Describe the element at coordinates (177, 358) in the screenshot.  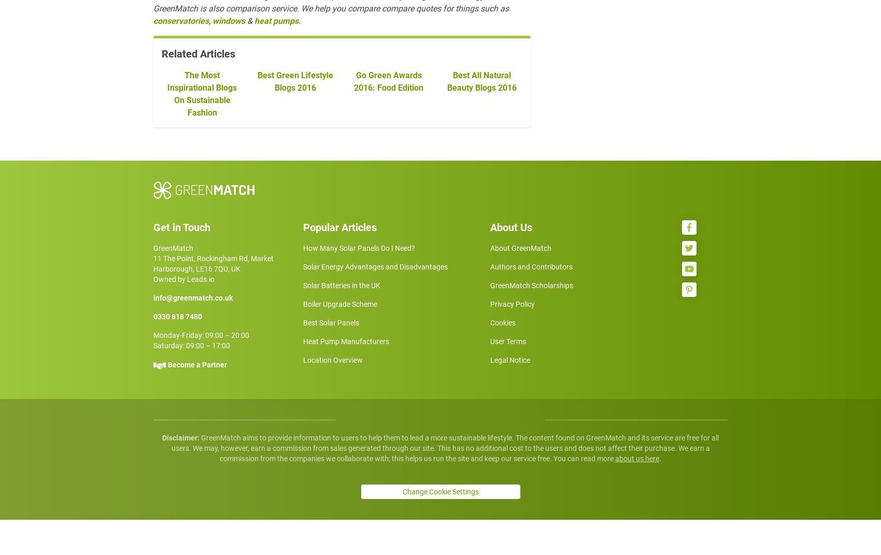
I see `'0330 818 7480'` at that location.